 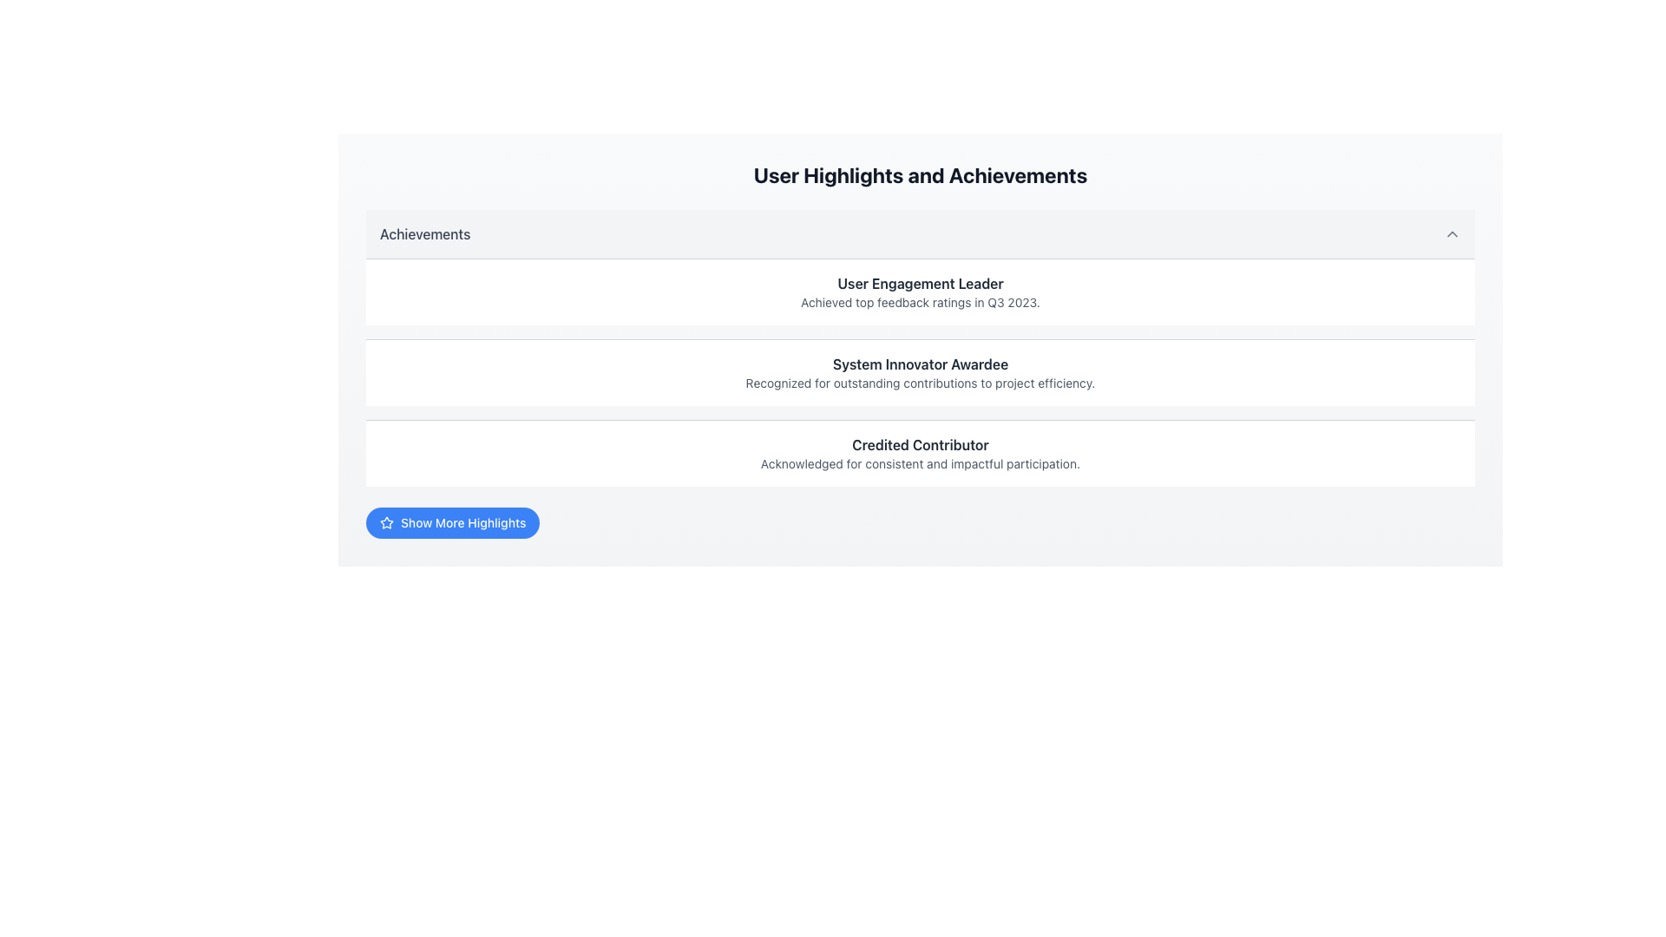 I want to click on the button located at the bottom-left corner of the 'User Highlights and Achievements' section, so click(x=453, y=521).